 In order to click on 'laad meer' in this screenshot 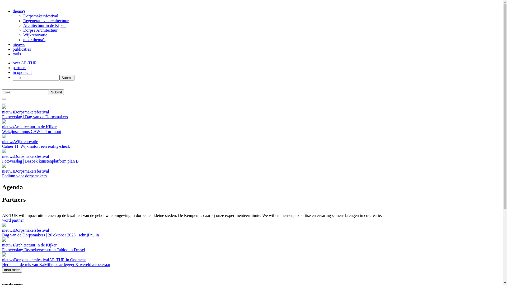, I will do `click(12, 270)`.